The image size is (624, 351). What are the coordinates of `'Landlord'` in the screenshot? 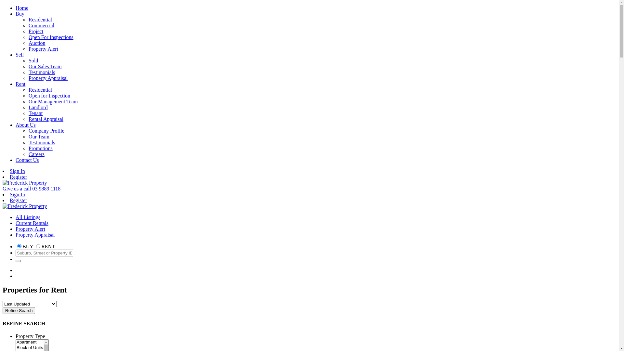 It's located at (38, 107).